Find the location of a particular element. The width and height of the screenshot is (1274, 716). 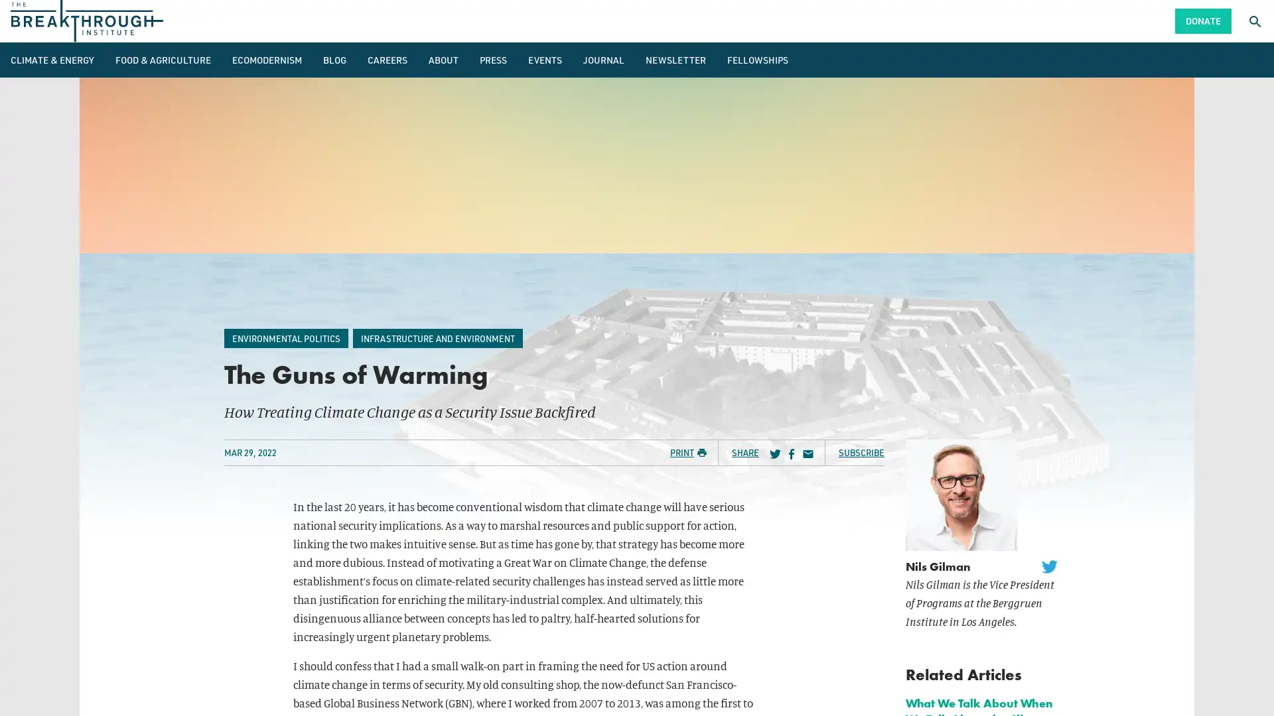

SUBSCRIBE is located at coordinates (861, 451).